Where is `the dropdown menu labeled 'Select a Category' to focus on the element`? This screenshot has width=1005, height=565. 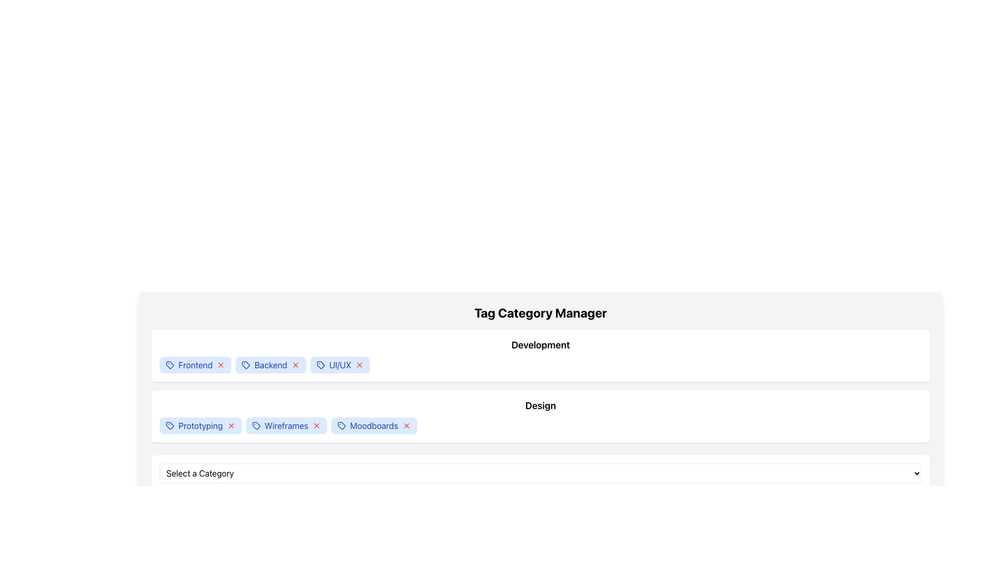 the dropdown menu labeled 'Select a Category' to focus on the element is located at coordinates (540, 473).